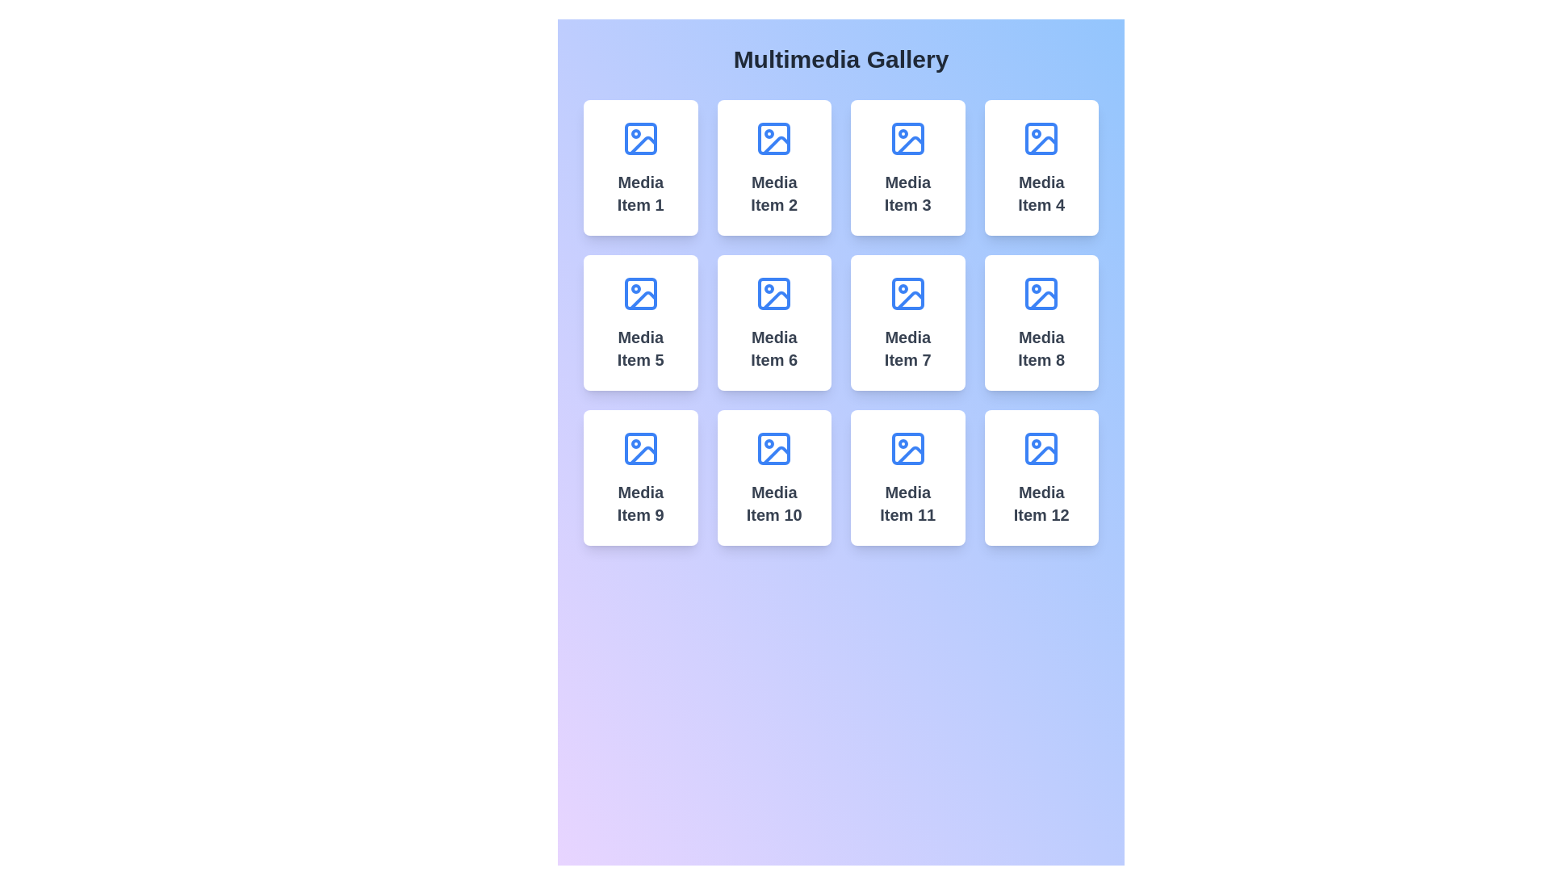  Describe the element at coordinates (639, 293) in the screenshot. I see `the media icon representing 'Media Item 5' located above its label in the fifth box of the multimedia grid` at that location.